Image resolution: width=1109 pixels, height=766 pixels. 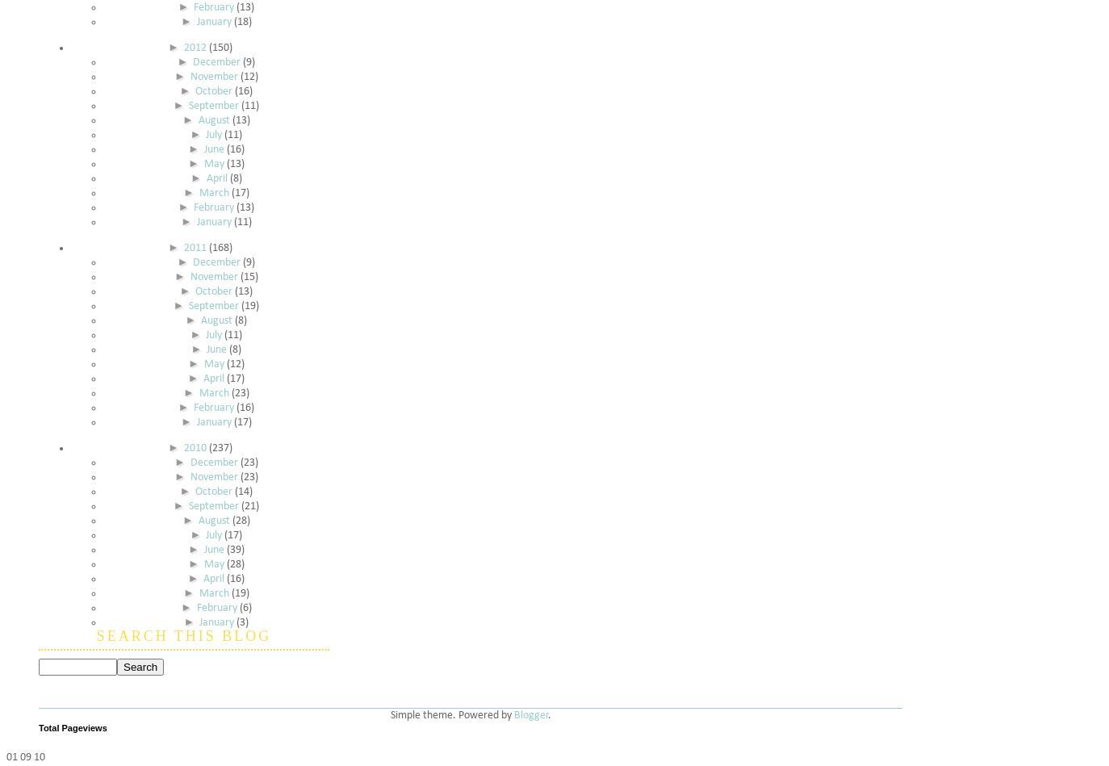 I want to click on '2010', so click(x=195, y=447).